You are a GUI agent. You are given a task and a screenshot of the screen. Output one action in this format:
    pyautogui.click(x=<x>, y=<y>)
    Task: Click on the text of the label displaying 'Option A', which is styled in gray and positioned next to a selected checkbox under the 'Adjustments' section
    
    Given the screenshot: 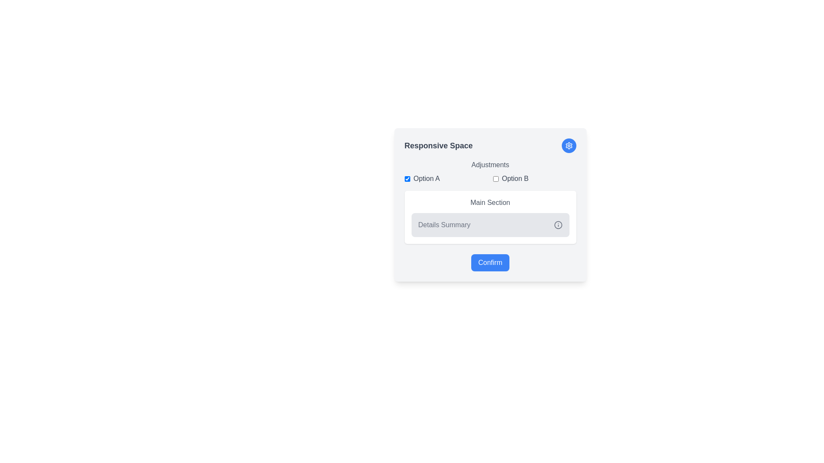 What is the action you would take?
    pyautogui.click(x=427, y=178)
    